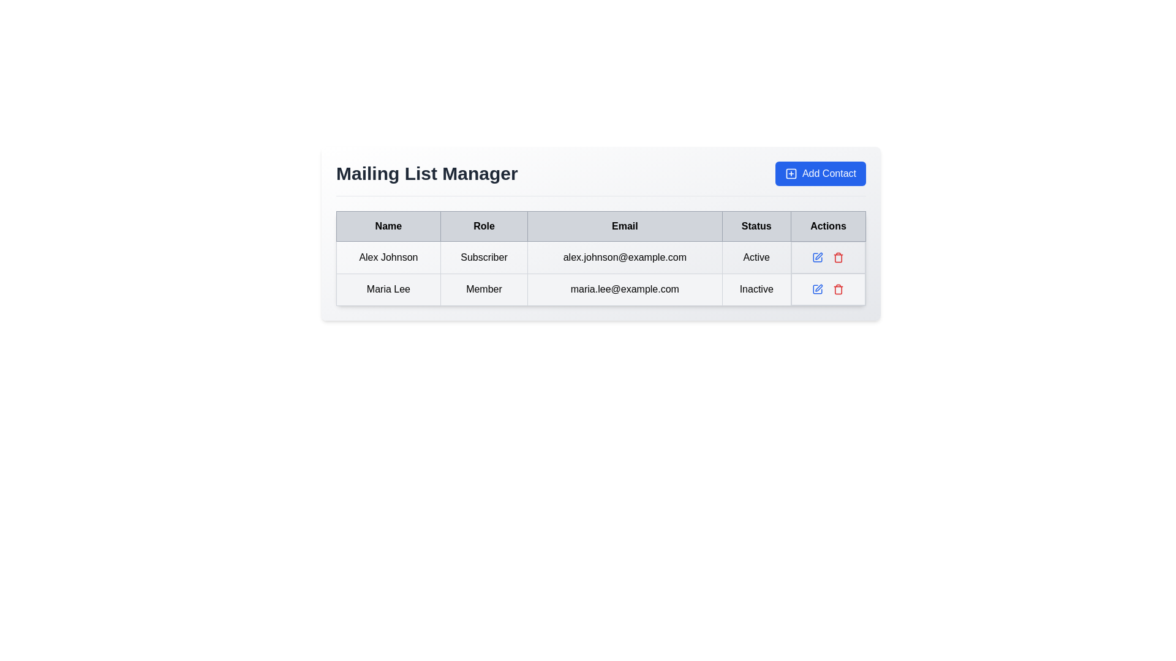  What do you see at coordinates (625, 256) in the screenshot?
I see `the Text Display Element in the 'Email' column of the first row, which displays the user's email address` at bounding box center [625, 256].